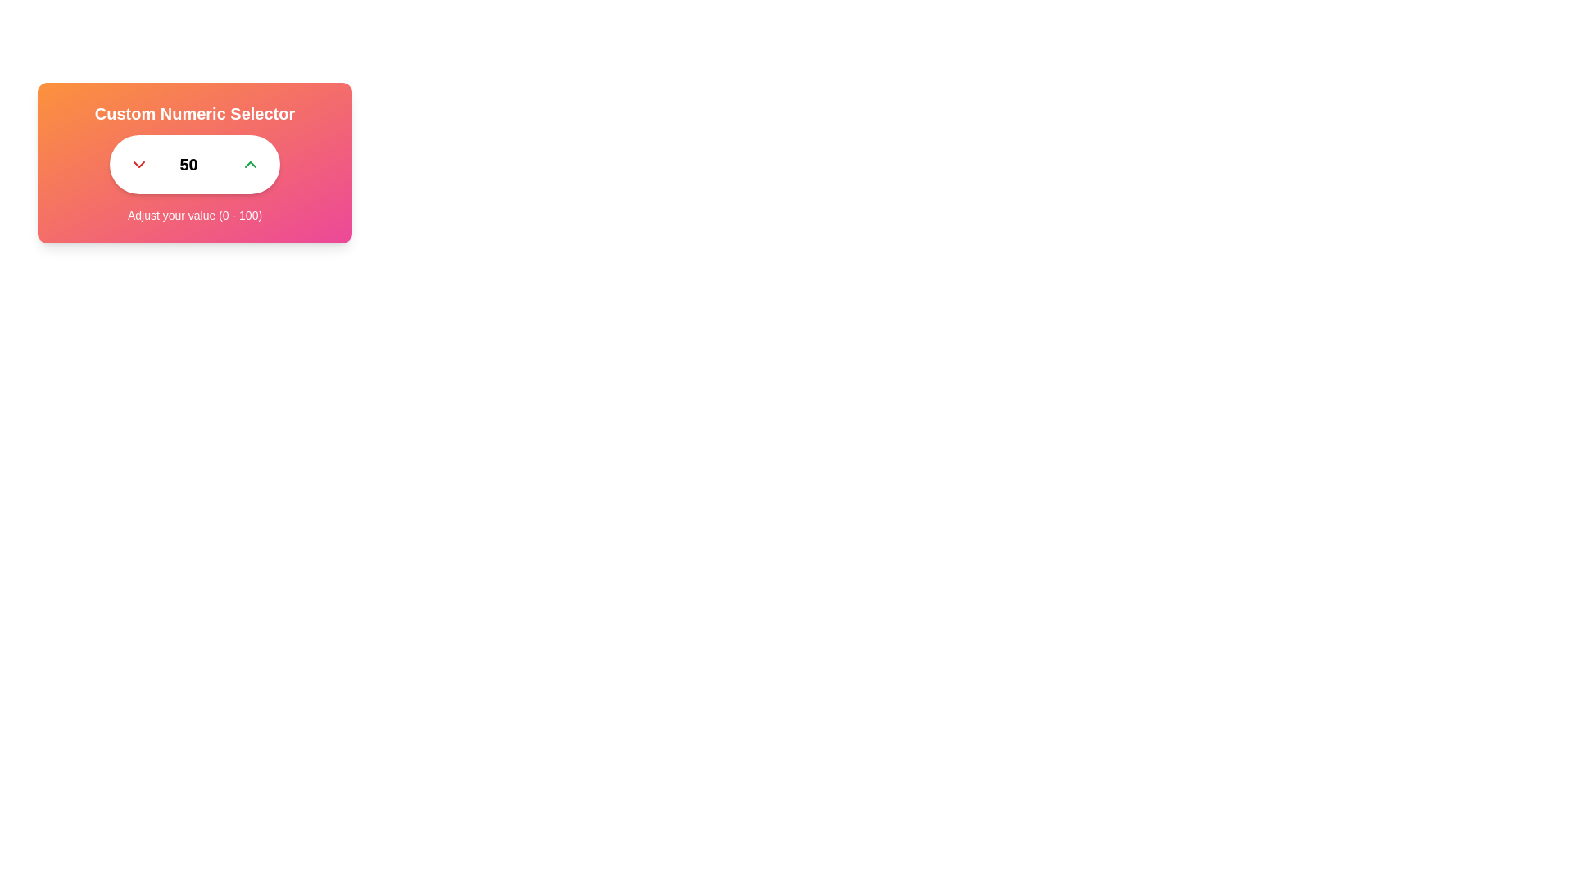 The image size is (1573, 885). What do you see at coordinates (195, 164) in the screenshot?
I see `the numeric display of the Numeric Selector Widget, which is centered below the title 'Custom Numeric Selector' and above the description 'Adjust your value (0 - 100)'` at bounding box center [195, 164].